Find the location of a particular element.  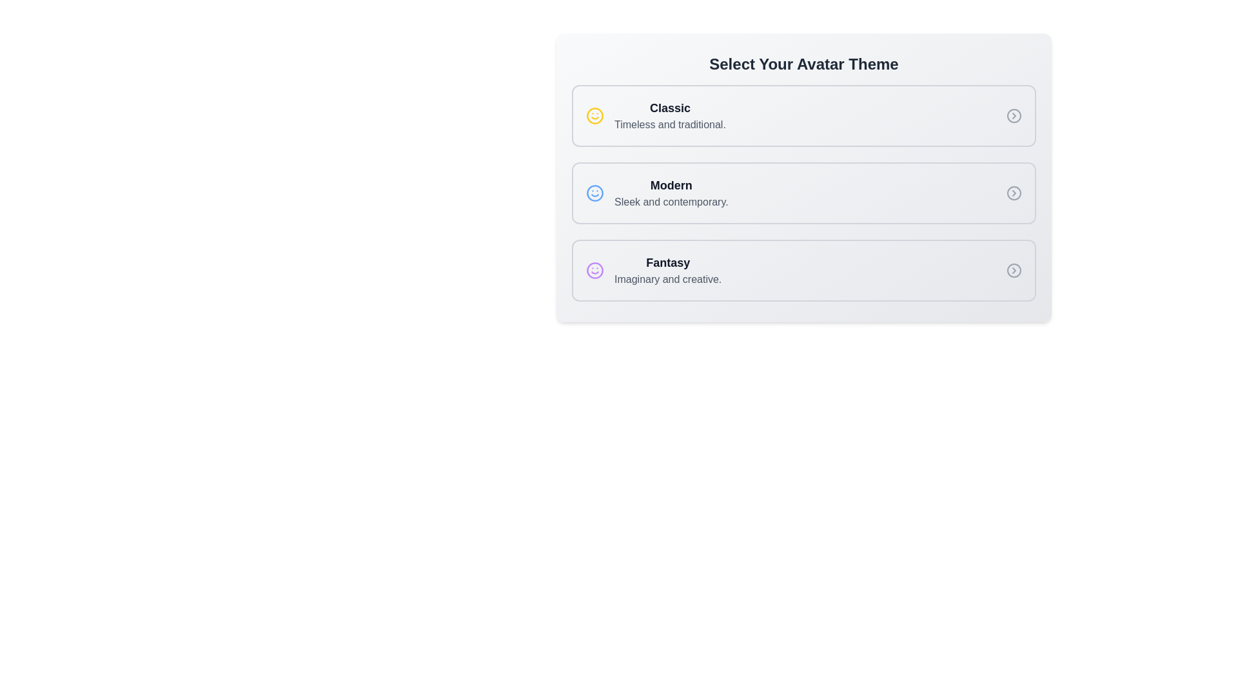

informational text element displaying 'Timeless and traditional.' which is styled in gray color and positioned underneath the title 'Classic' is located at coordinates (670, 124).